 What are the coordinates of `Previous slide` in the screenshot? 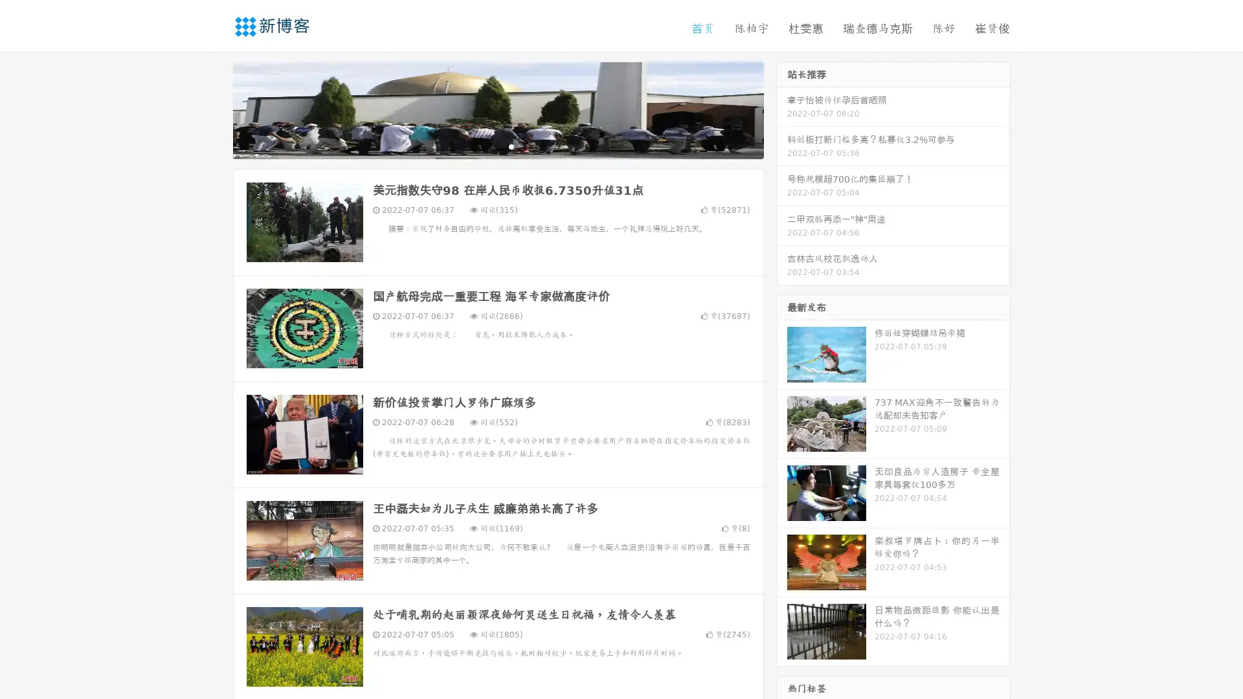 It's located at (214, 109).